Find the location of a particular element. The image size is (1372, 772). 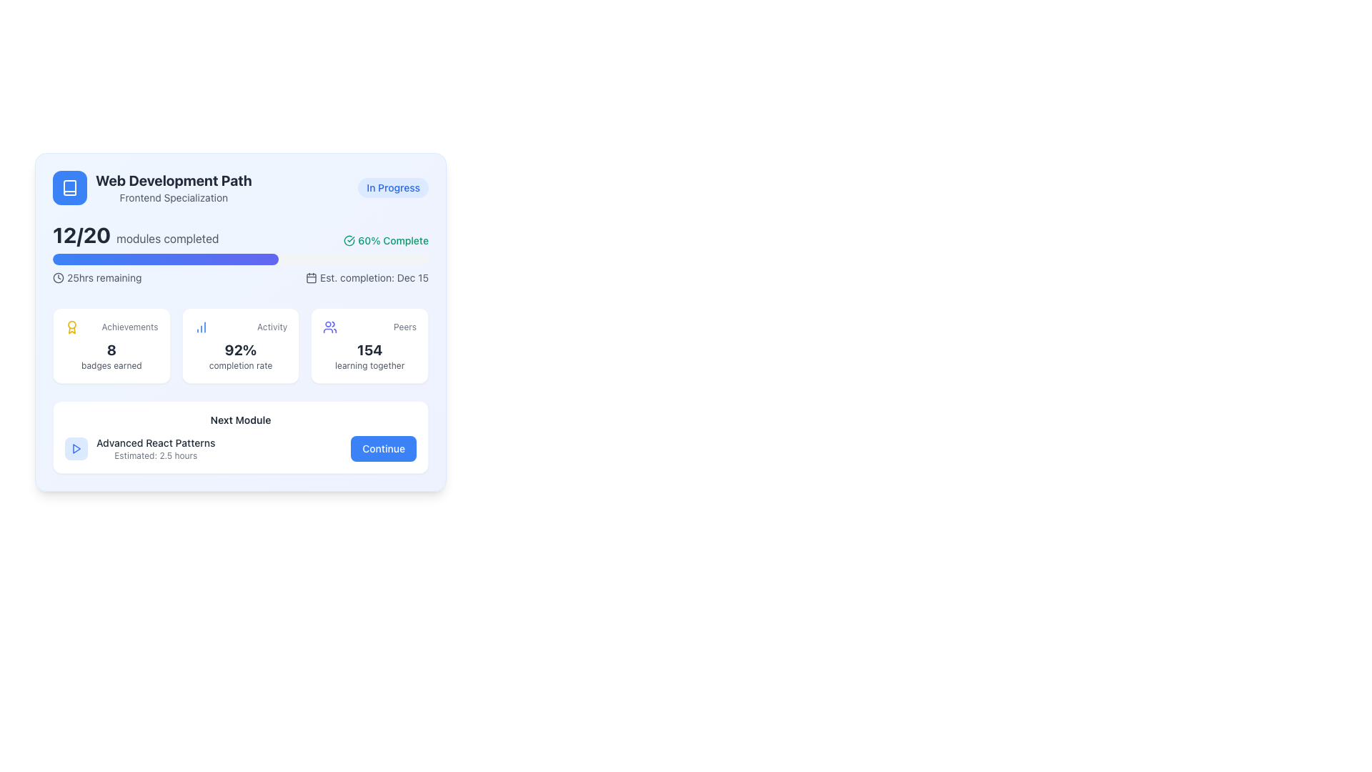

the text label located at the bottom center of the box that serves as a descriptor for the statistical chart icon on the left is located at coordinates (272, 327).